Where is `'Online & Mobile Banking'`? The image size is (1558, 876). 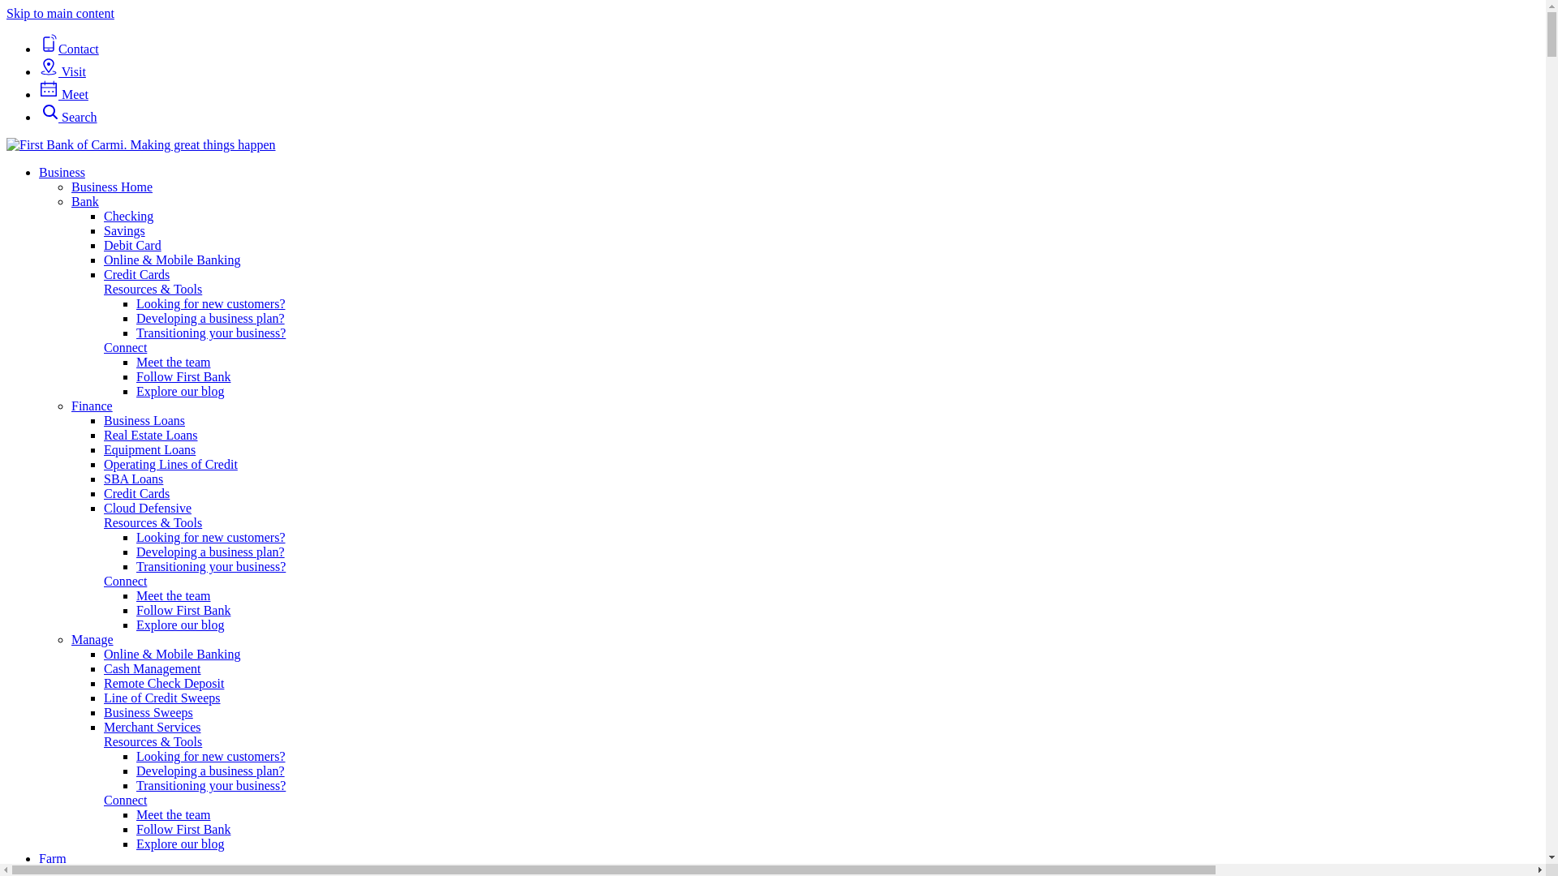
'Online & Mobile Banking' is located at coordinates (103, 259).